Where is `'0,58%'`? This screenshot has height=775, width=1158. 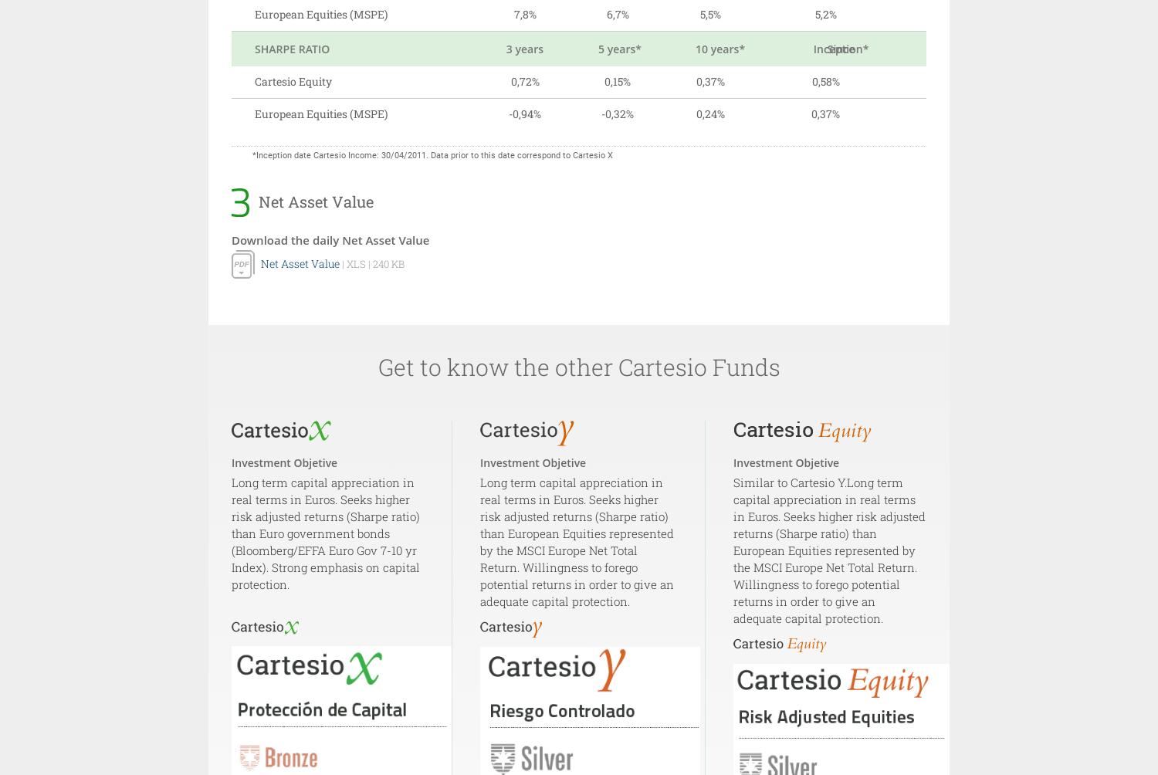
'0,58%' is located at coordinates (824, 81).